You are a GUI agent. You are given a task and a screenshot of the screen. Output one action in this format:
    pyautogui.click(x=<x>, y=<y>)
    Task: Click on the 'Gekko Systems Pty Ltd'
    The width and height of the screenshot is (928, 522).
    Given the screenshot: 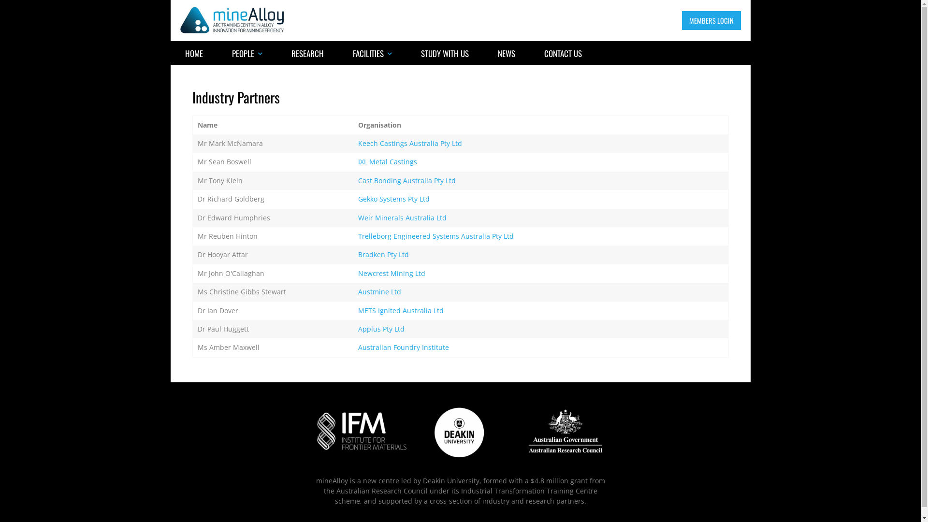 What is the action you would take?
    pyautogui.click(x=394, y=198)
    